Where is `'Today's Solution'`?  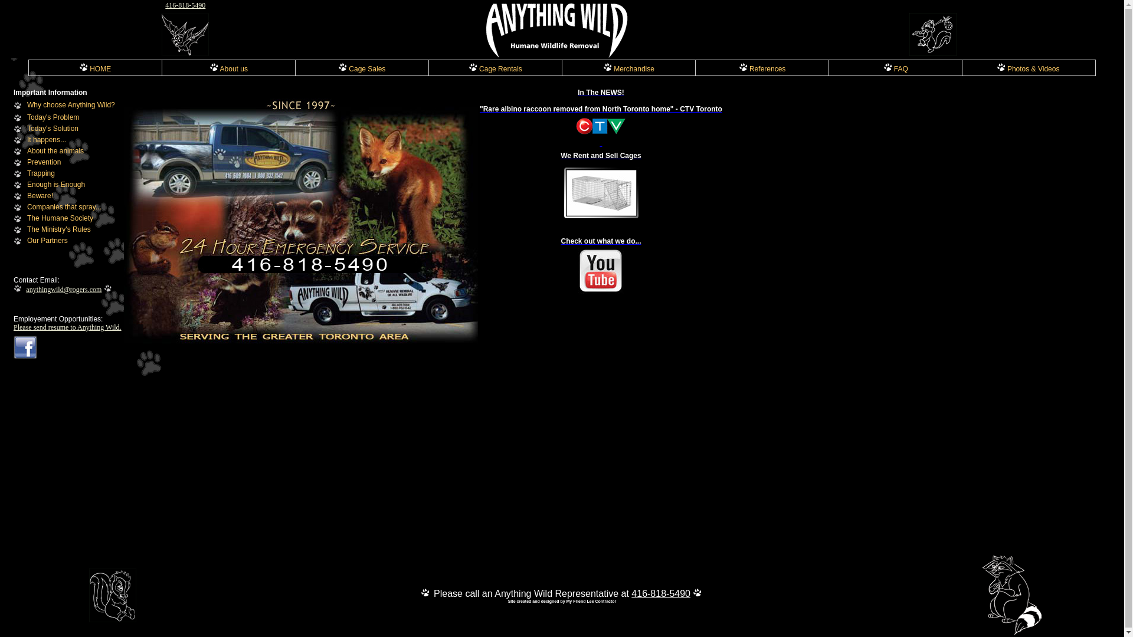 'Today's Solution' is located at coordinates (52, 129).